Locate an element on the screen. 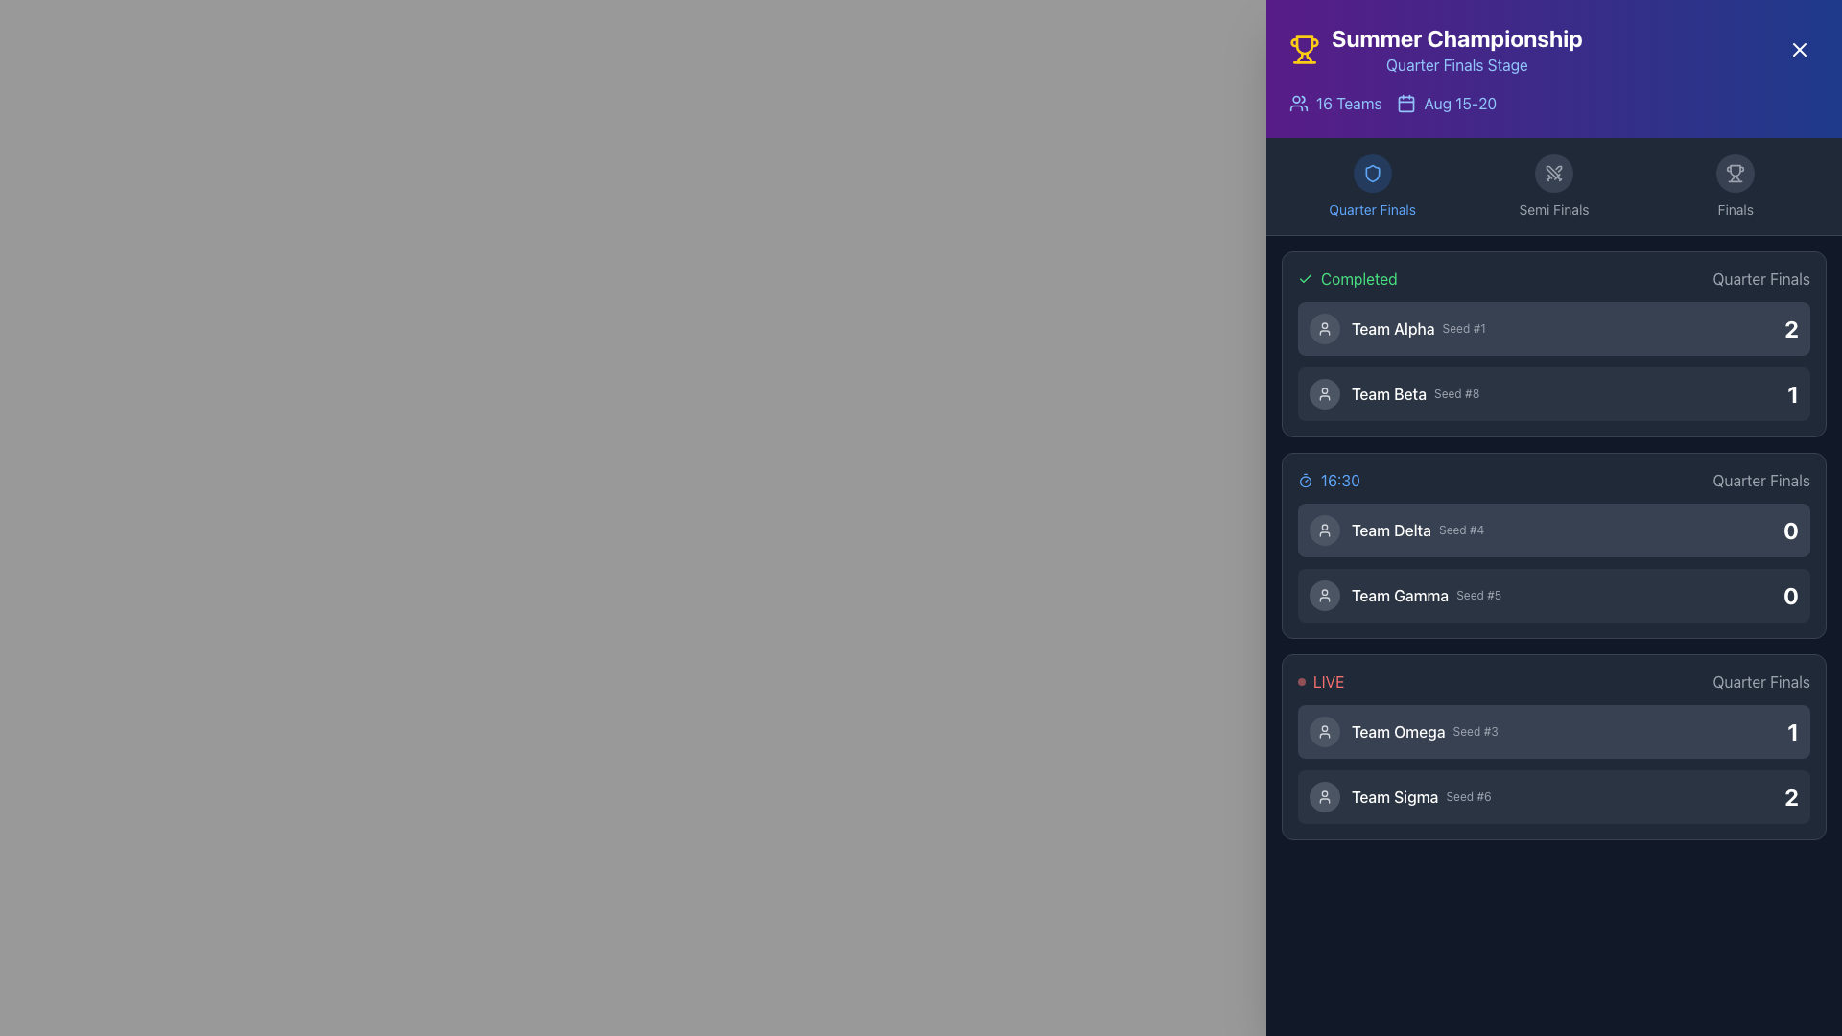 Image resolution: width=1842 pixels, height=1036 pixels. text label that identifies 'Team Beta' and its designation 'Seed #8' in the tournament progress interface, located in the 'Completed' matches section is located at coordinates (1415, 393).